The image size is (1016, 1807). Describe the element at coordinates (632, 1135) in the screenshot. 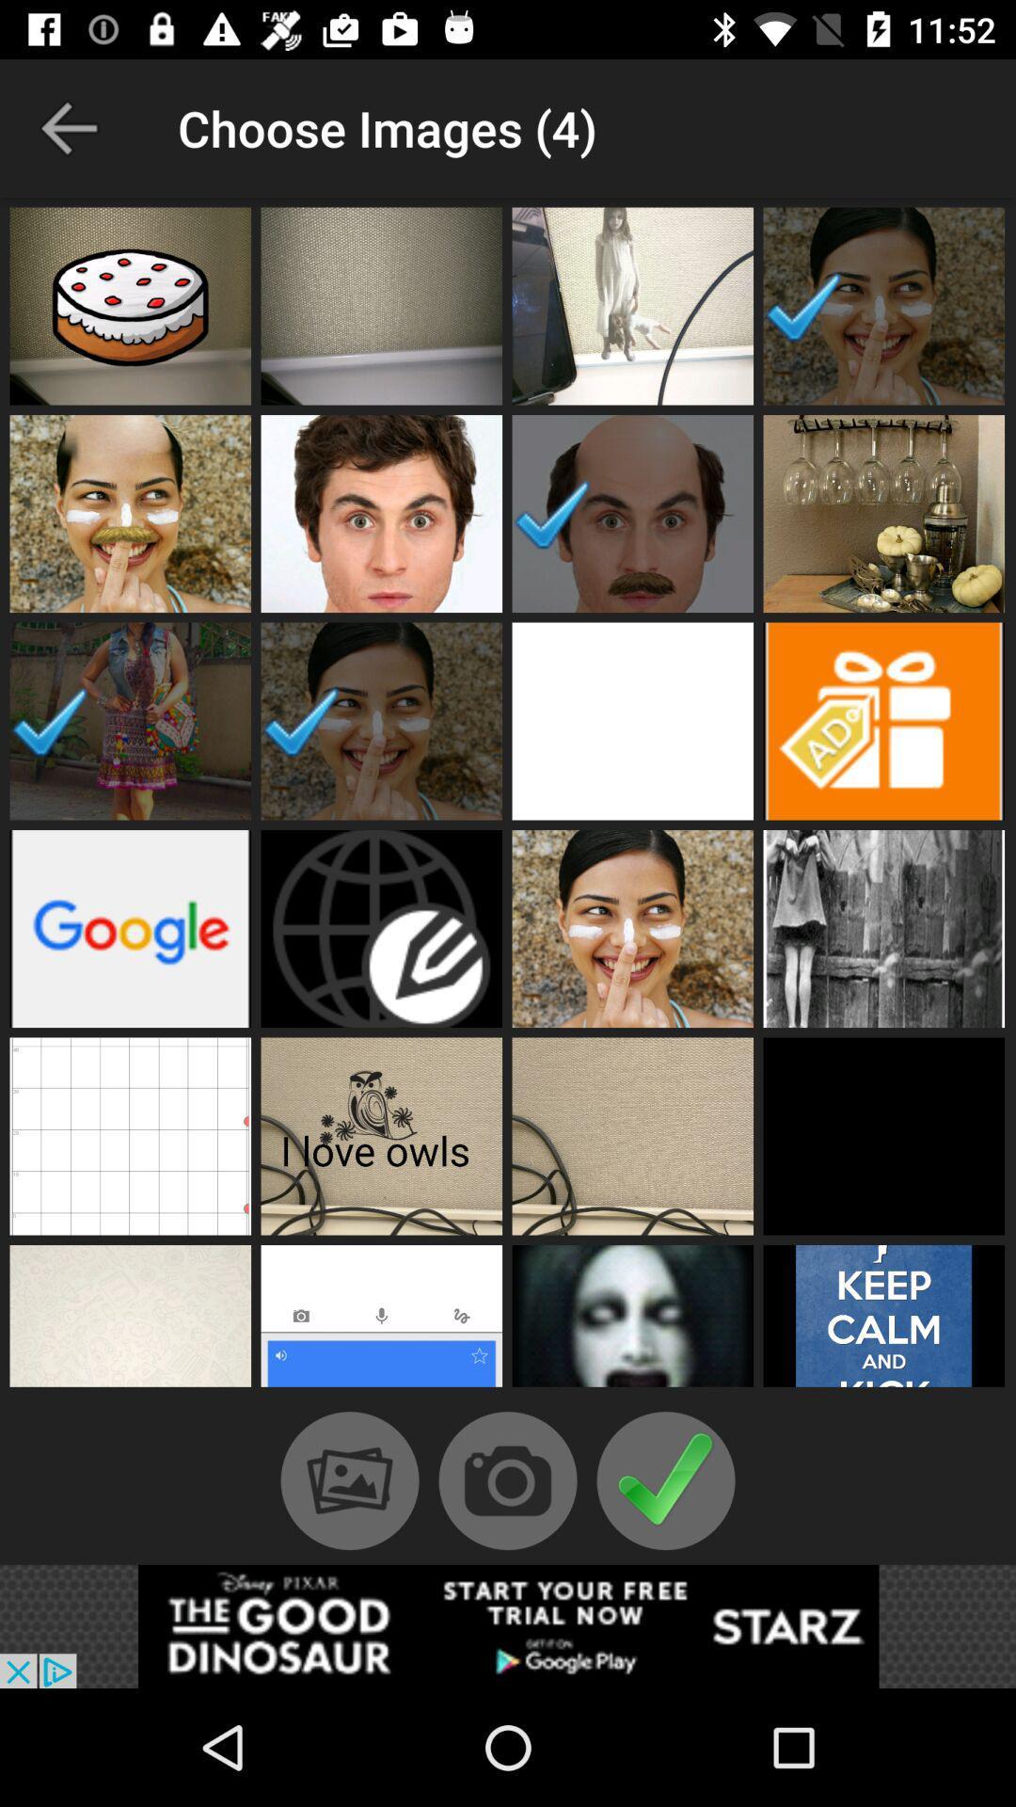

I see `open profile` at that location.